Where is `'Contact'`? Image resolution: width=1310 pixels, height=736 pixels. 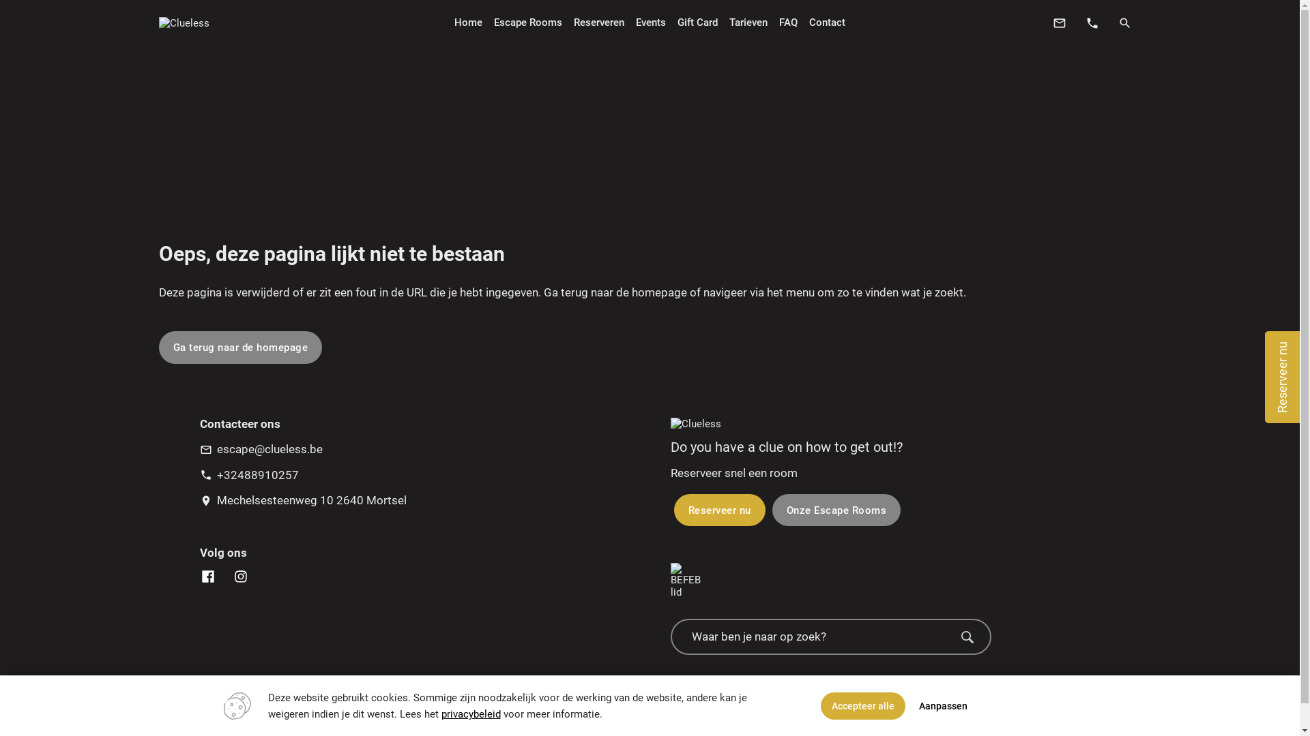 'Contact' is located at coordinates (827, 22).